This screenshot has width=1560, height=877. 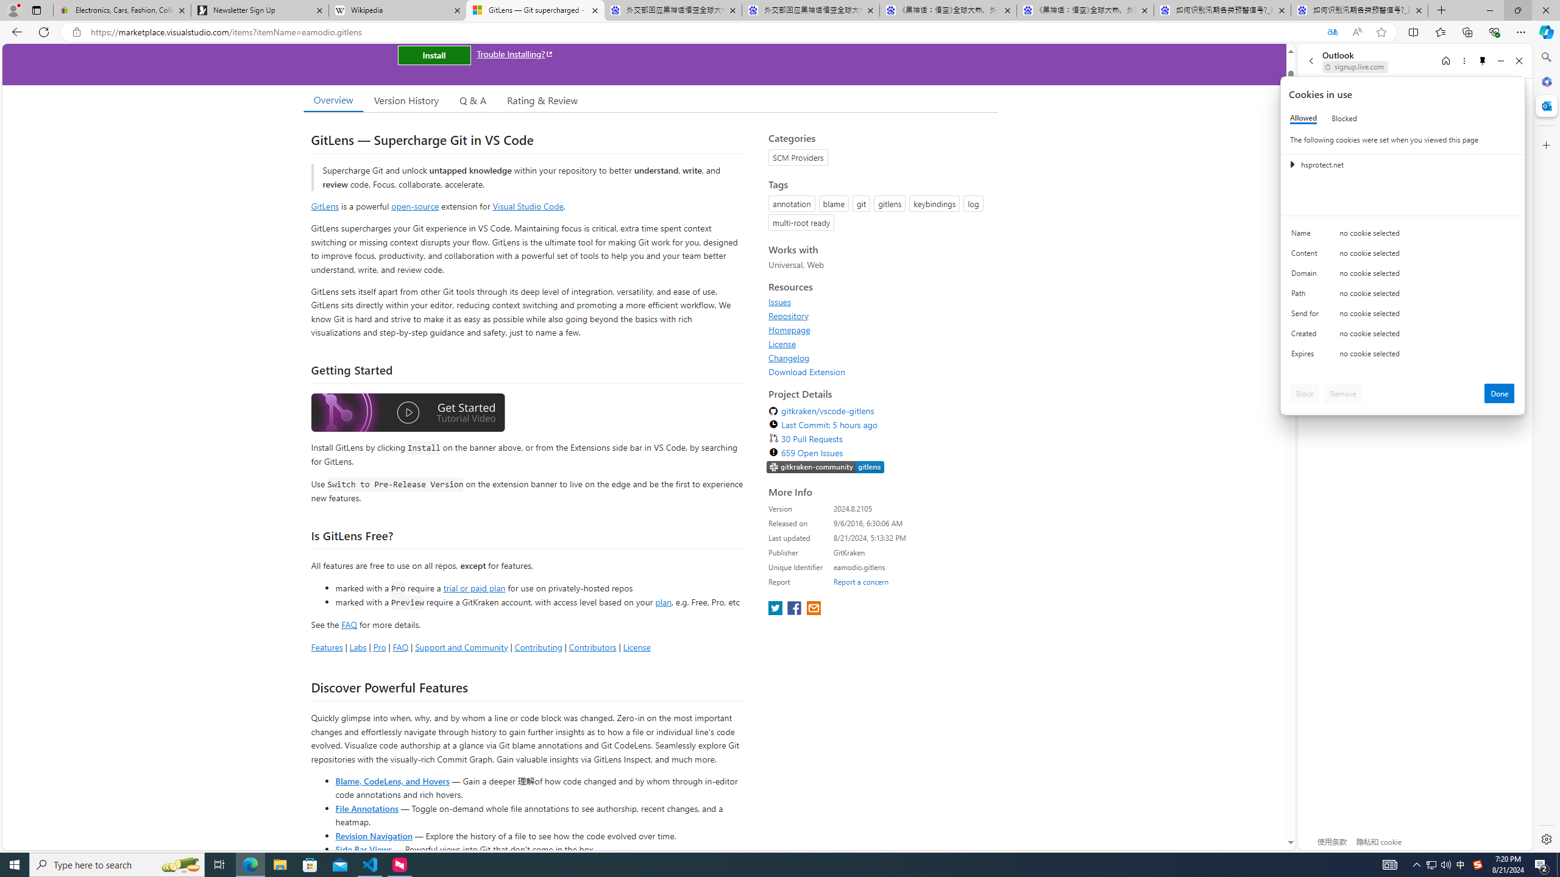 What do you see at coordinates (1306, 235) in the screenshot?
I see `'Name'` at bounding box center [1306, 235].